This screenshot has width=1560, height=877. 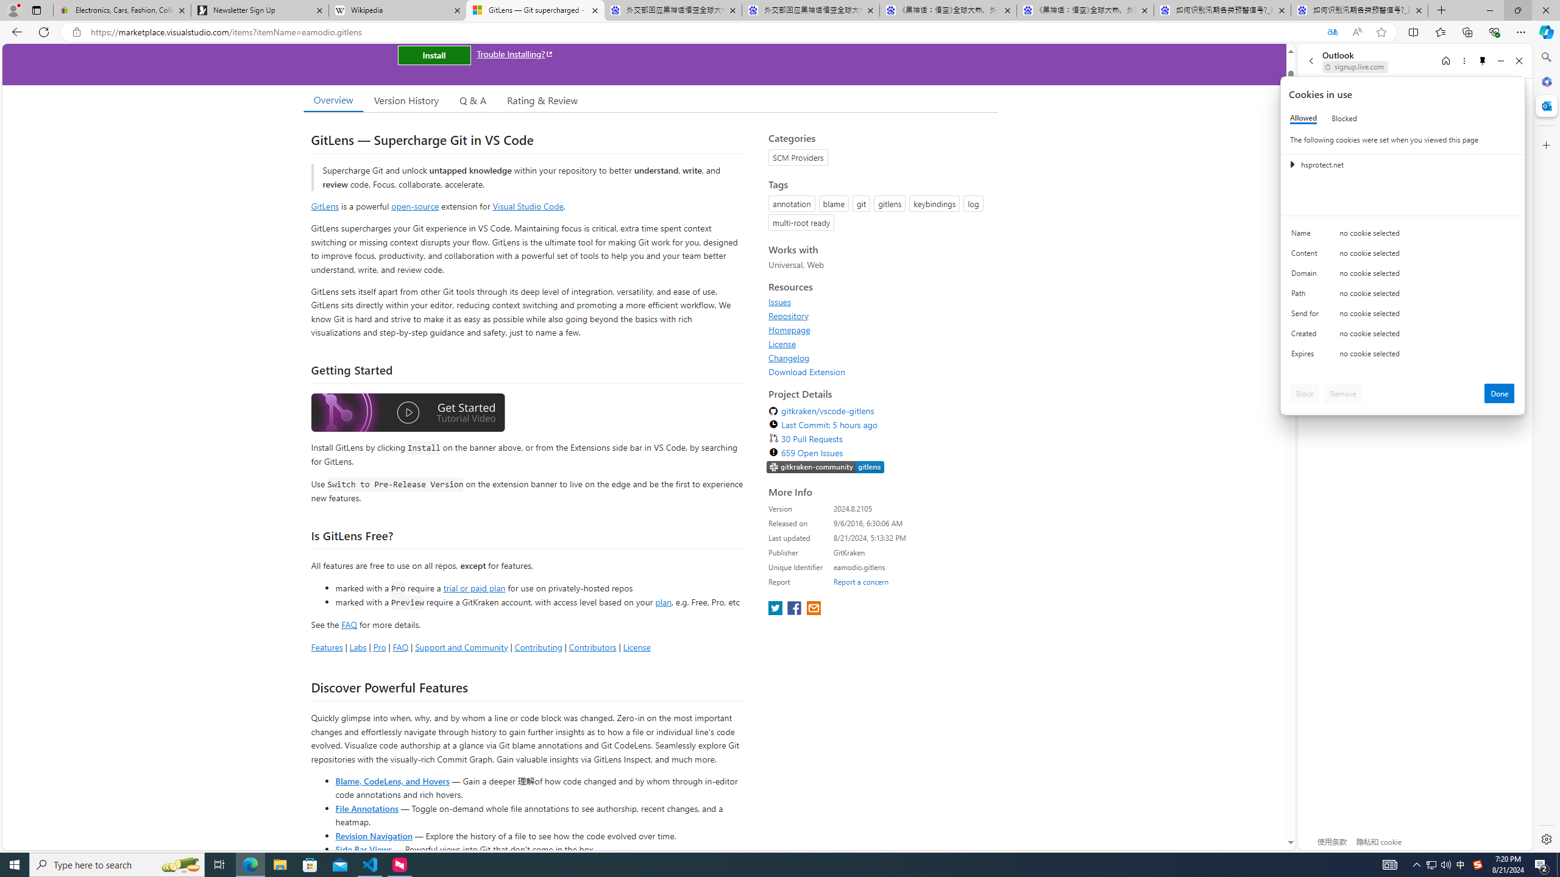 What do you see at coordinates (1306, 235) in the screenshot?
I see `'Name'` at bounding box center [1306, 235].